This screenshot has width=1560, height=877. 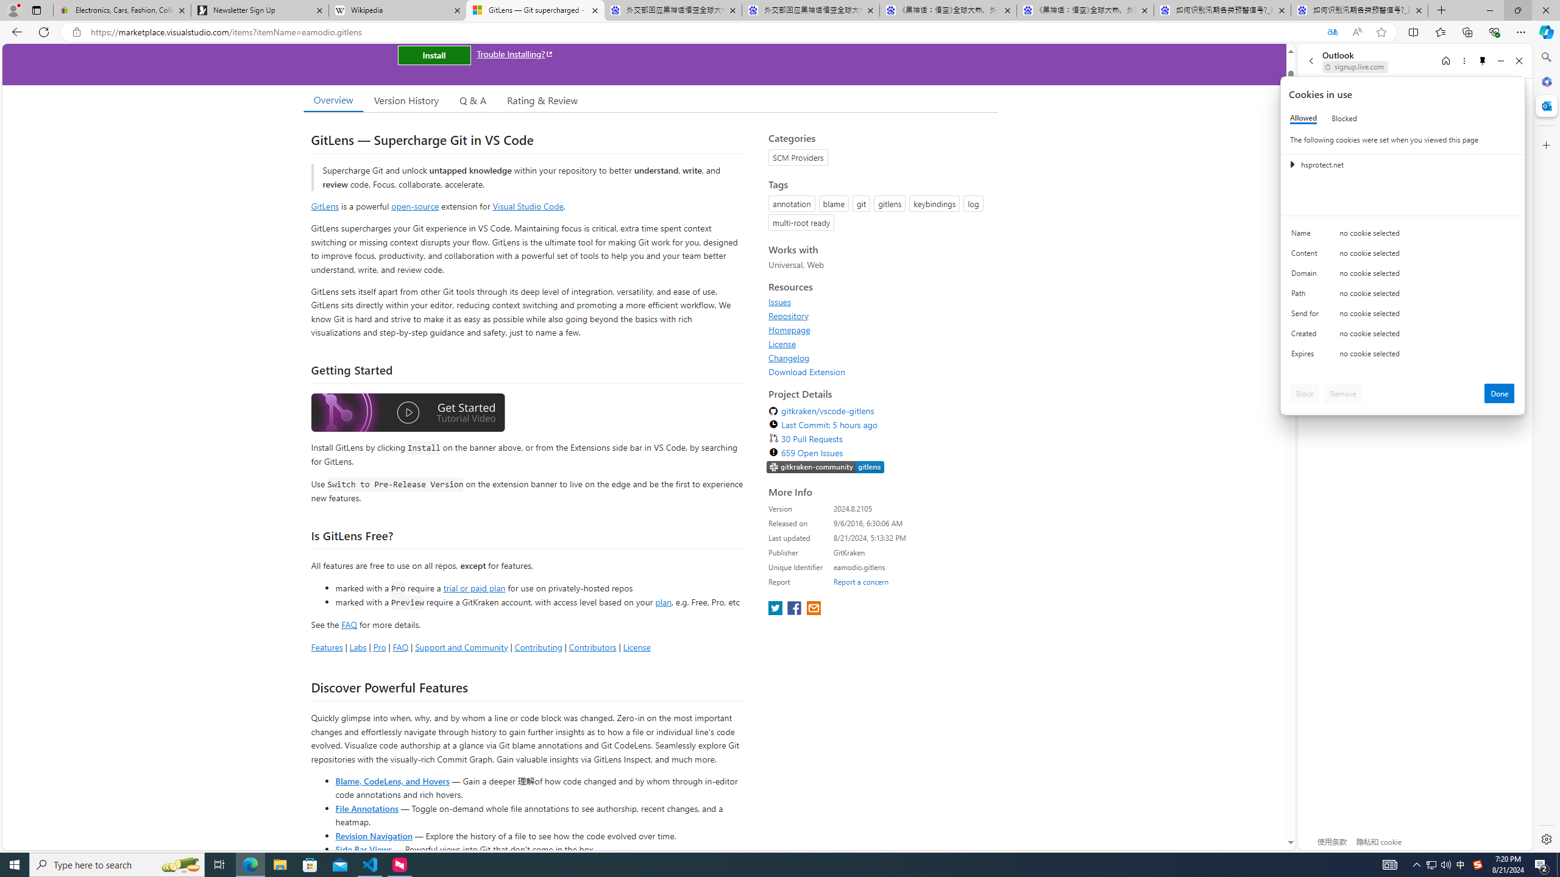 What do you see at coordinates (1306, 235) in the screenshot?
I see `'Name'` at bounding box center [1306, 235].